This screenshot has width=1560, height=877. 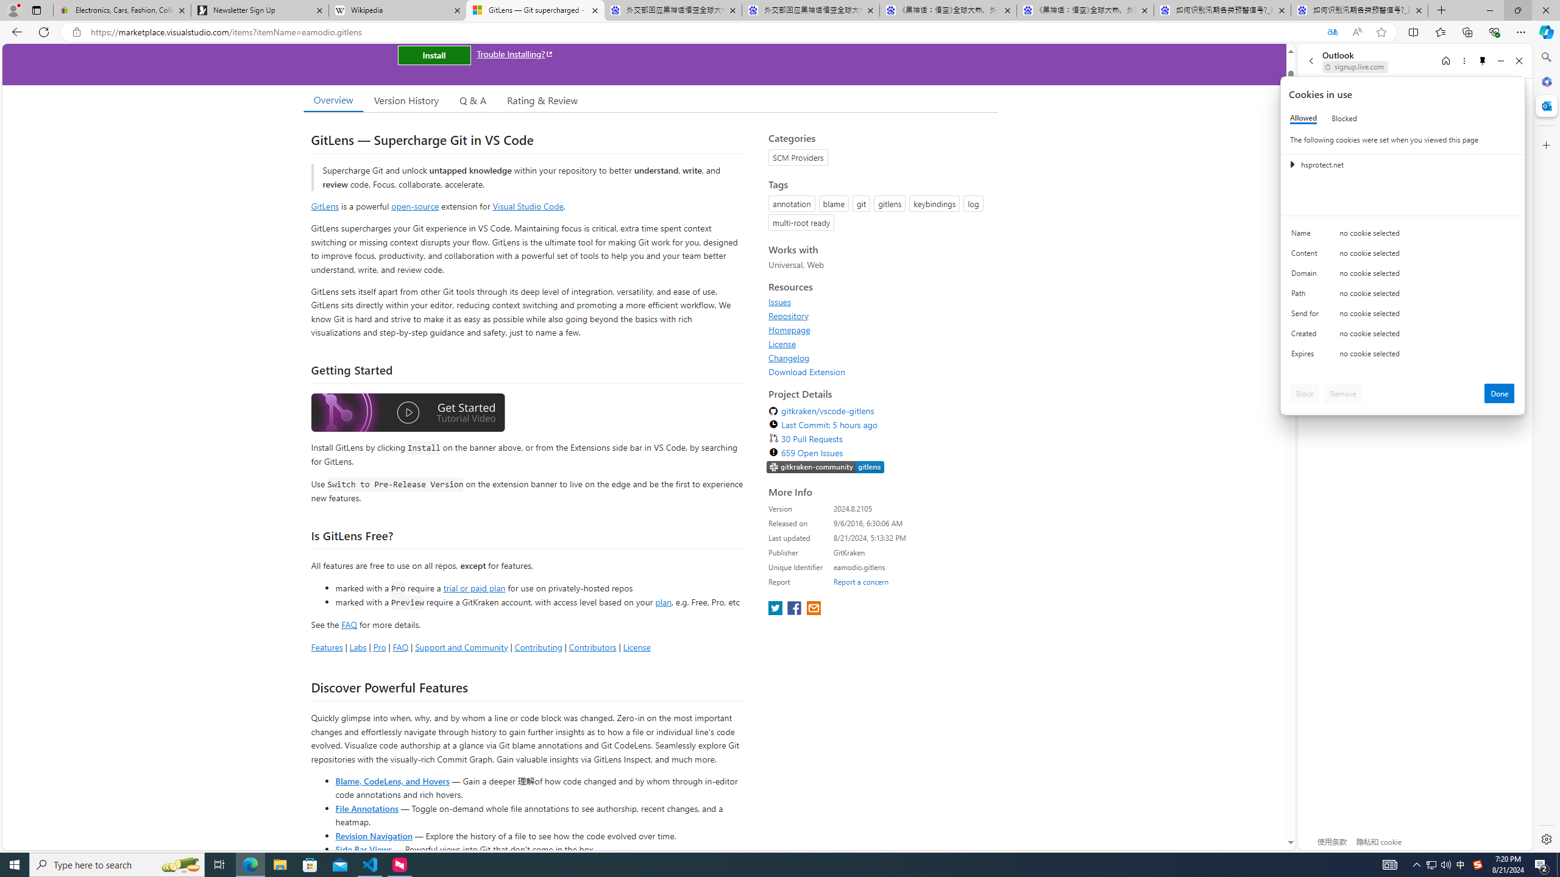 What do you see at coordinates (1306, 235) in the screenshot?
I see `'Name'` at bounding box center [1306, 235].